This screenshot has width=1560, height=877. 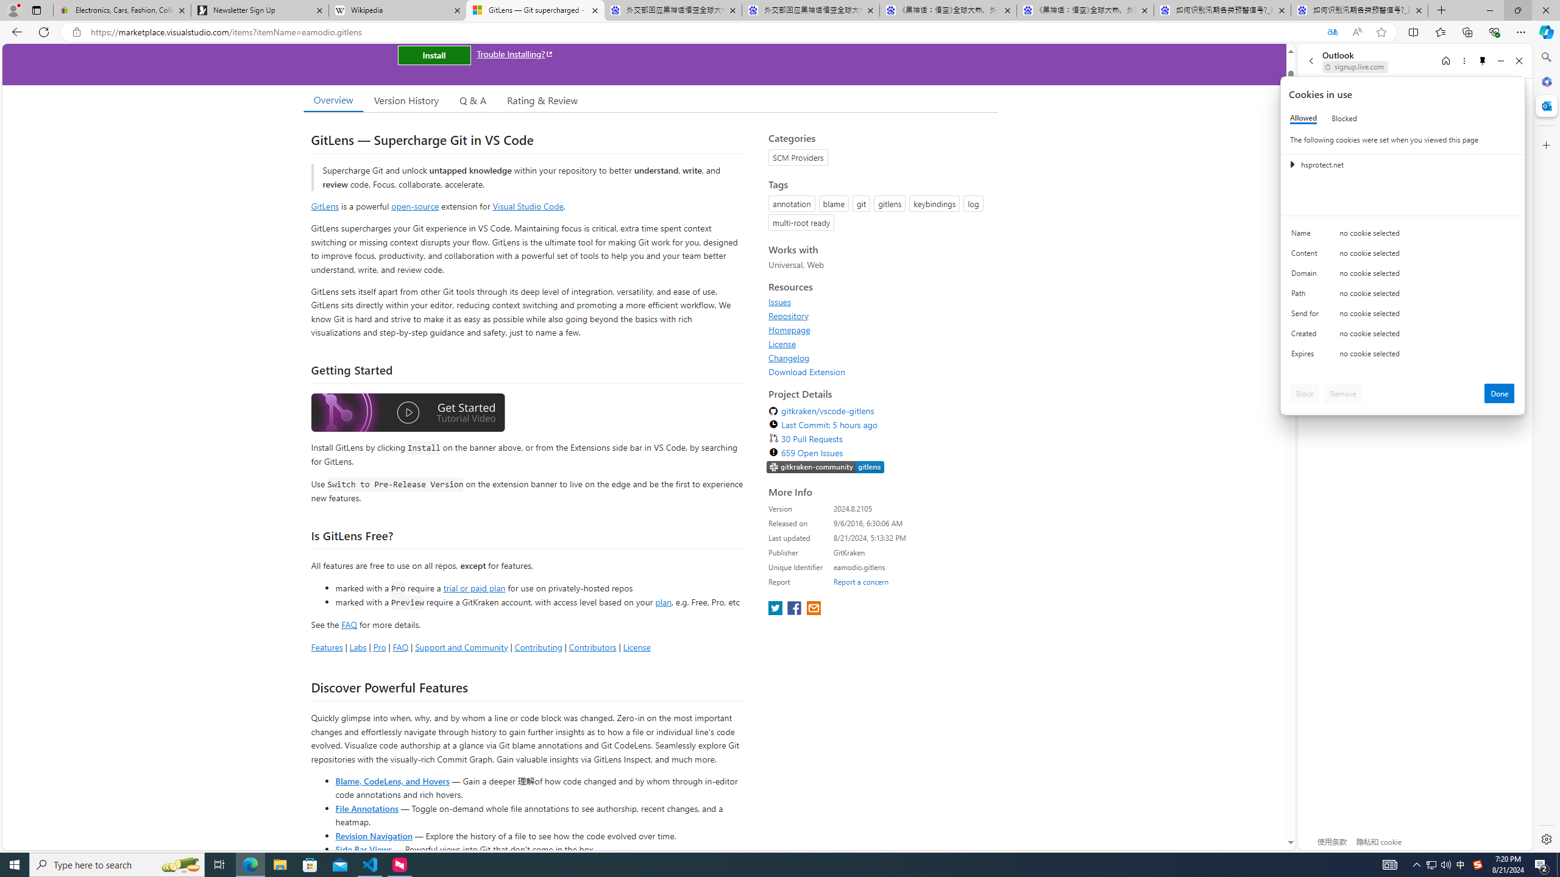 What do you see at coordinates (1306, 235) in the screenshot?
I see `'Name'` at bounding box center [1306, 235].